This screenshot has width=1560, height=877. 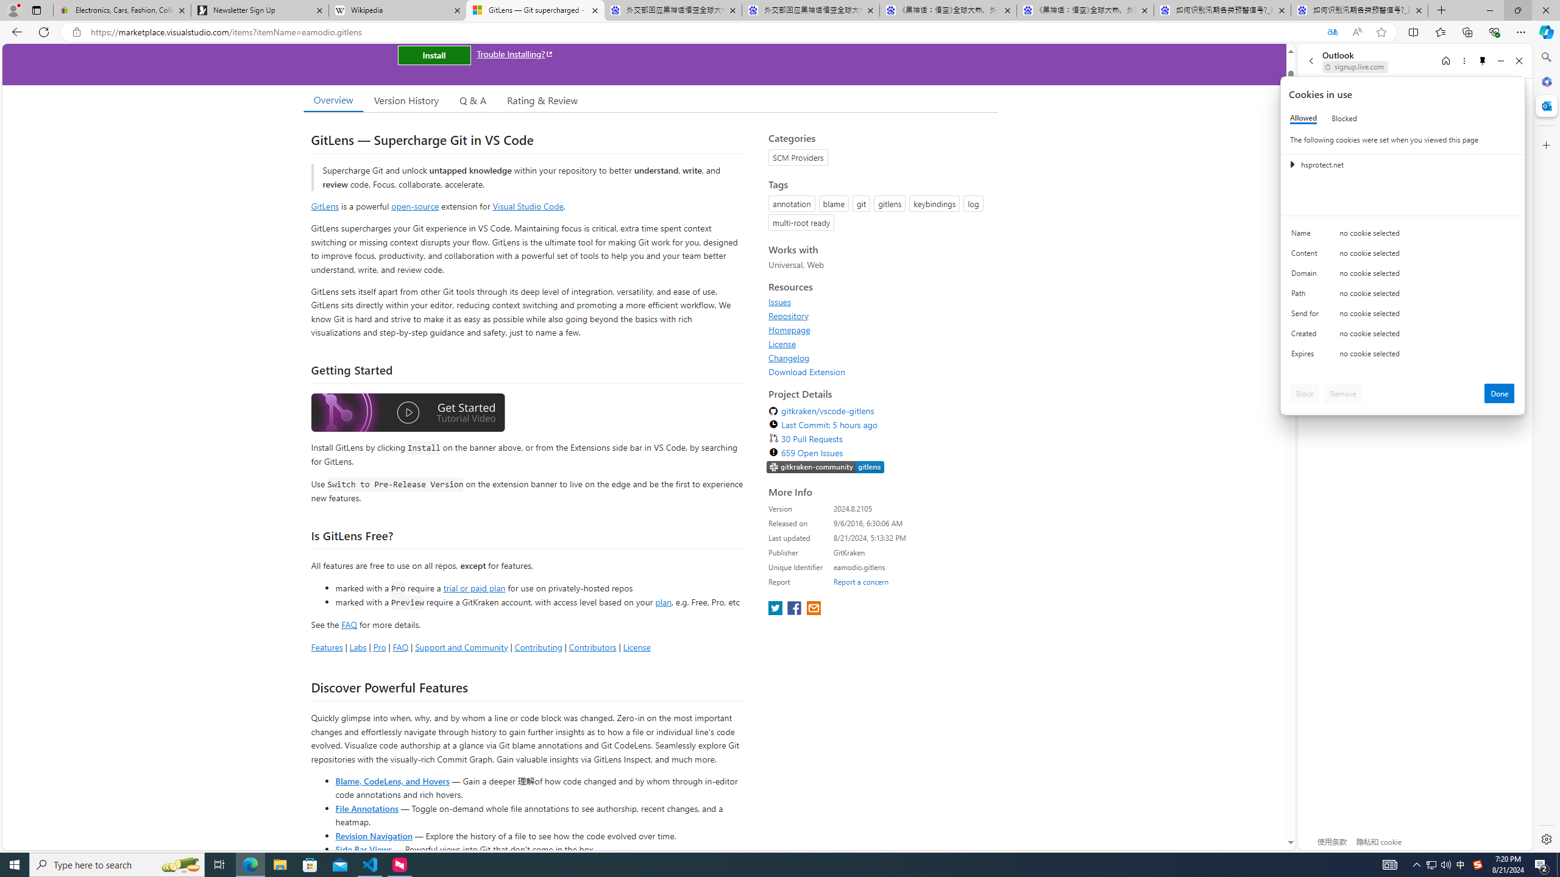 What do you see at coordinates (1306, 235) in the screenshot?
I see `'Name'` at bounding box center [1306, 235].